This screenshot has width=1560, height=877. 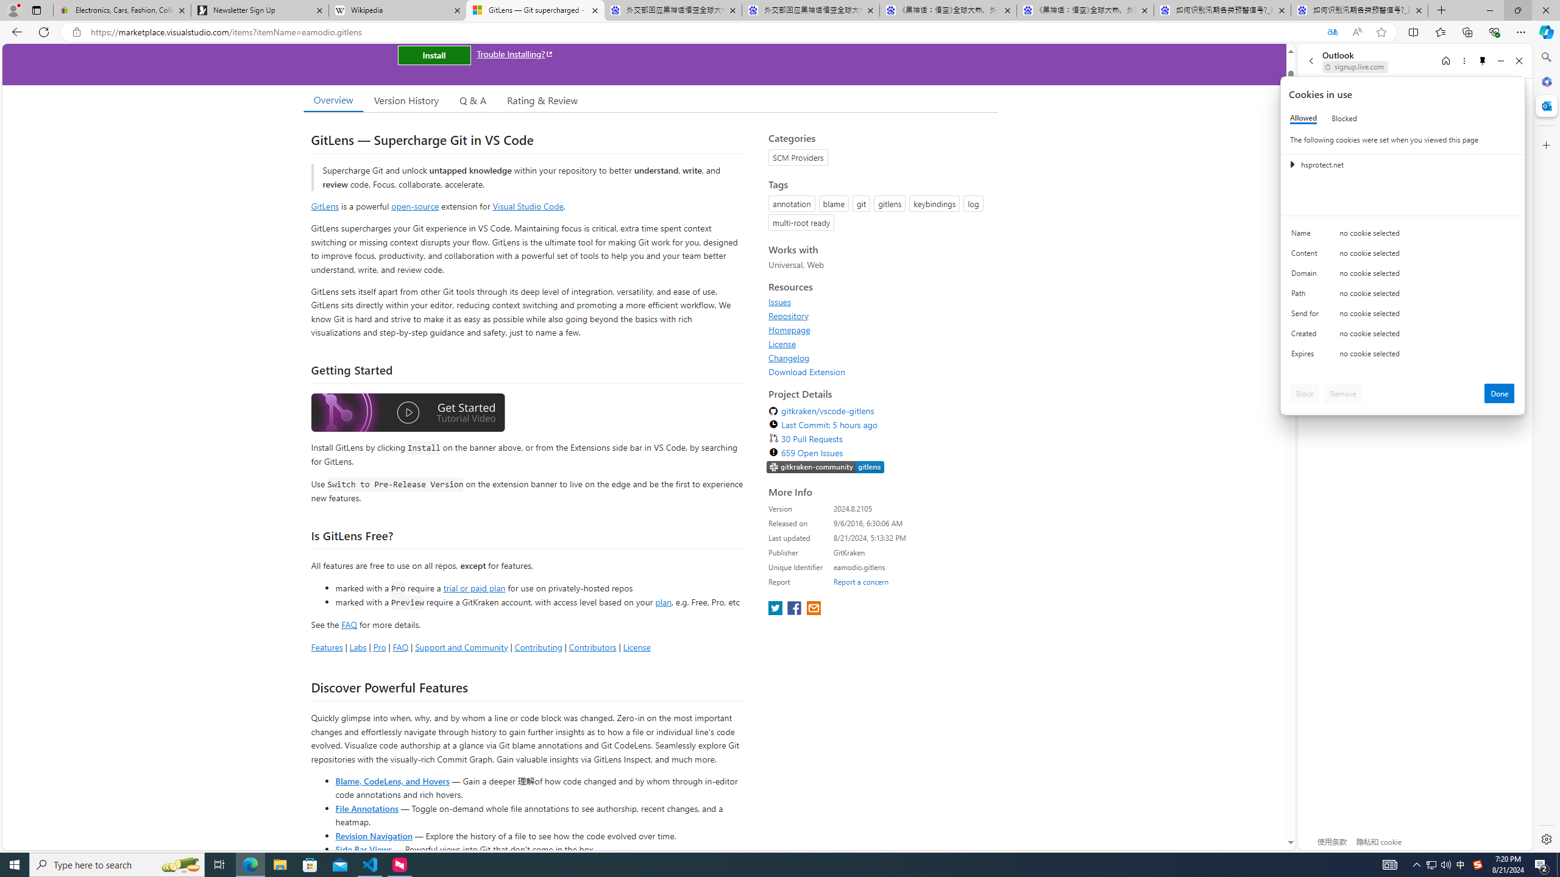 What do you see at coordinates (1306, 235) in the screenshot?
I see `'Name'` at bounding box center [1306, 235].